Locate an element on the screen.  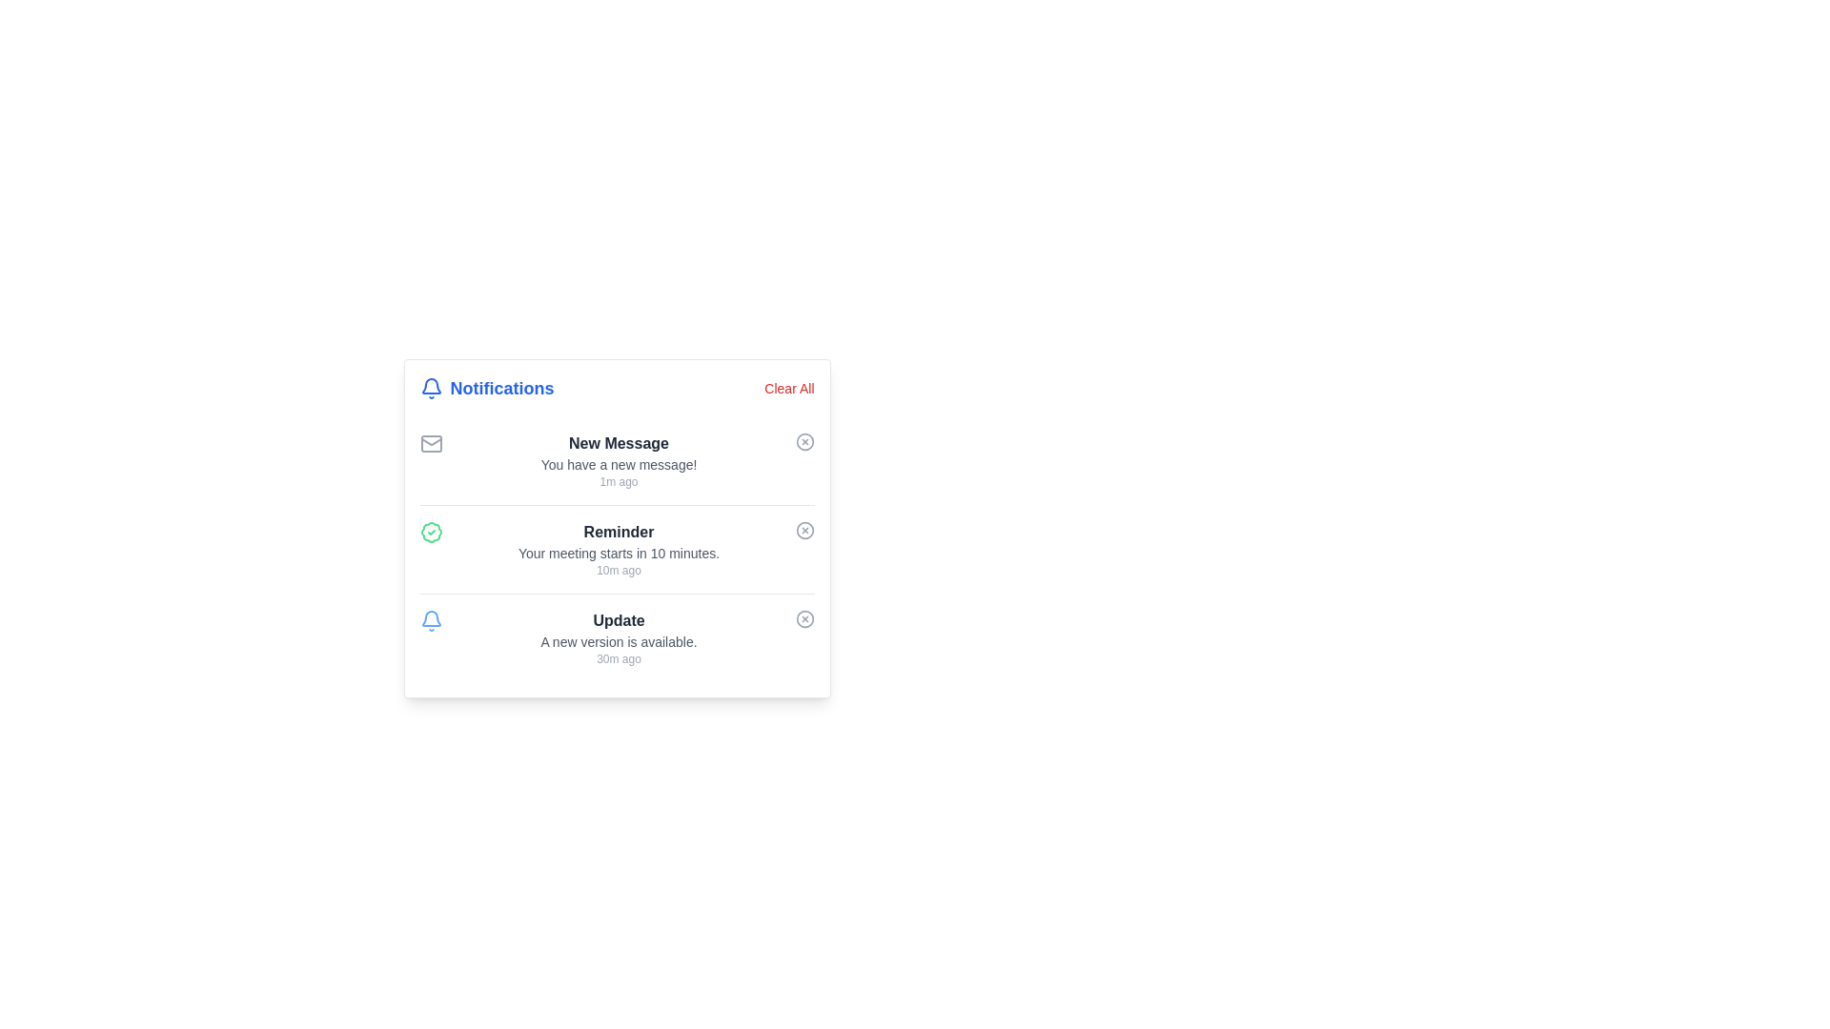
the icon that indicates the type or category of the 'Reminder' notification, located to the left of the title 'Reminder' and above the timestamp '10m ago' is located at coordinates (430, 533).